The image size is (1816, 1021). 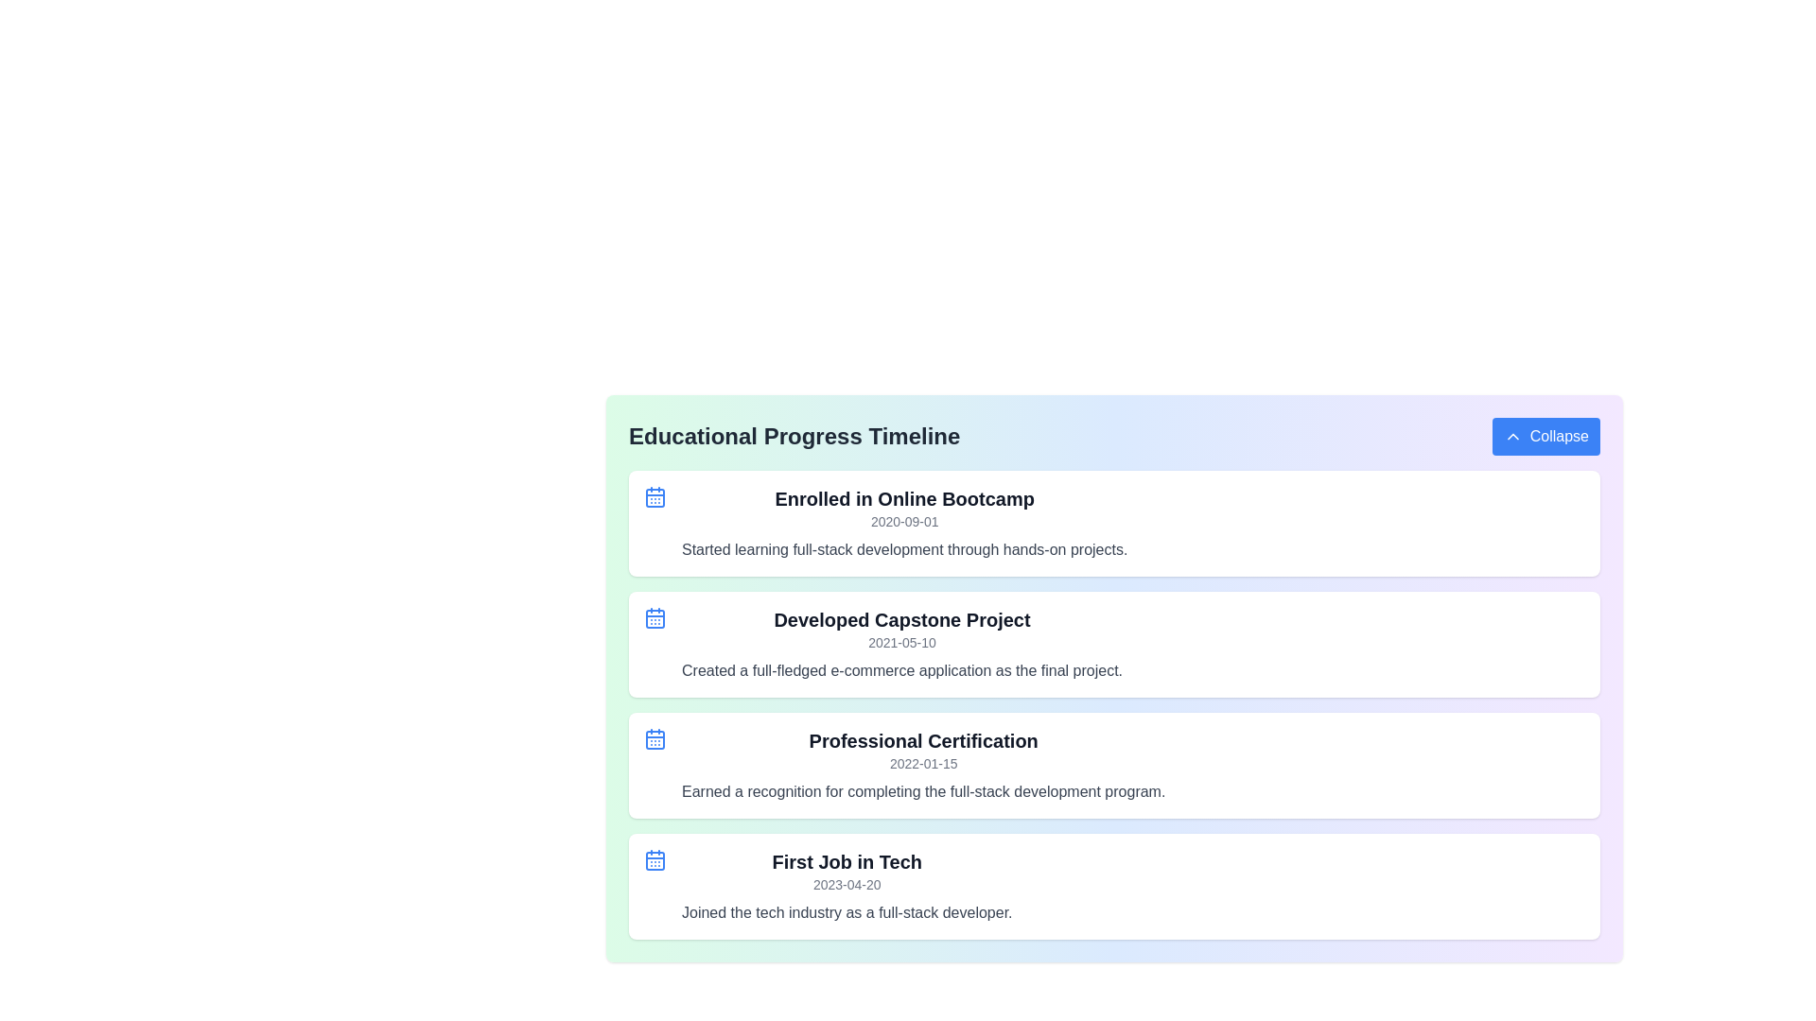 I want to click on the calendar icon element, which is the third SVG rectangle with rounded corners representing the date 'Developed Capstone Project', so click(x=655, y=619).